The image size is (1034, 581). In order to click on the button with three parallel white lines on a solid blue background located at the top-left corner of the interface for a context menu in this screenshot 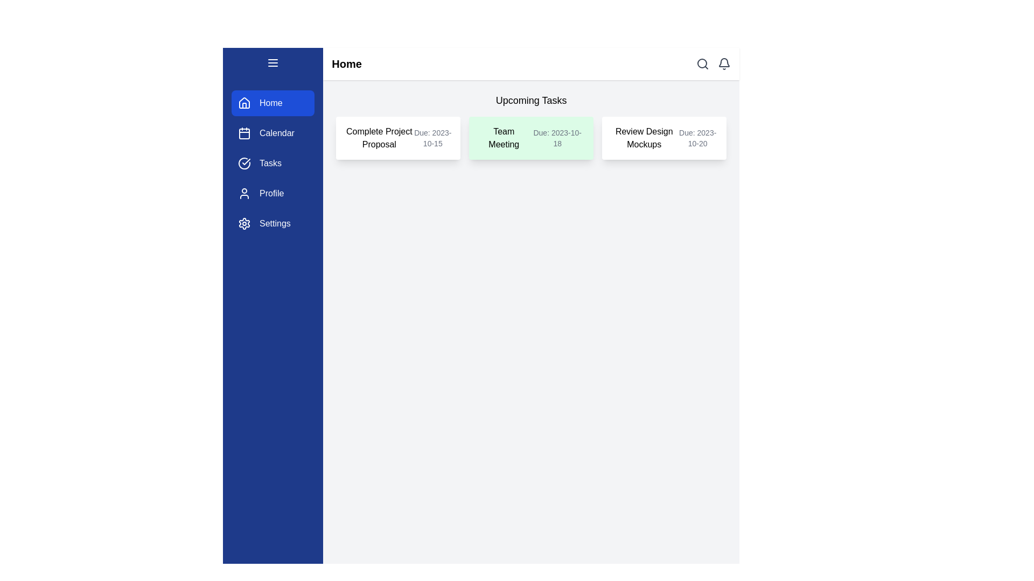, I will do `click(273, 65)`.